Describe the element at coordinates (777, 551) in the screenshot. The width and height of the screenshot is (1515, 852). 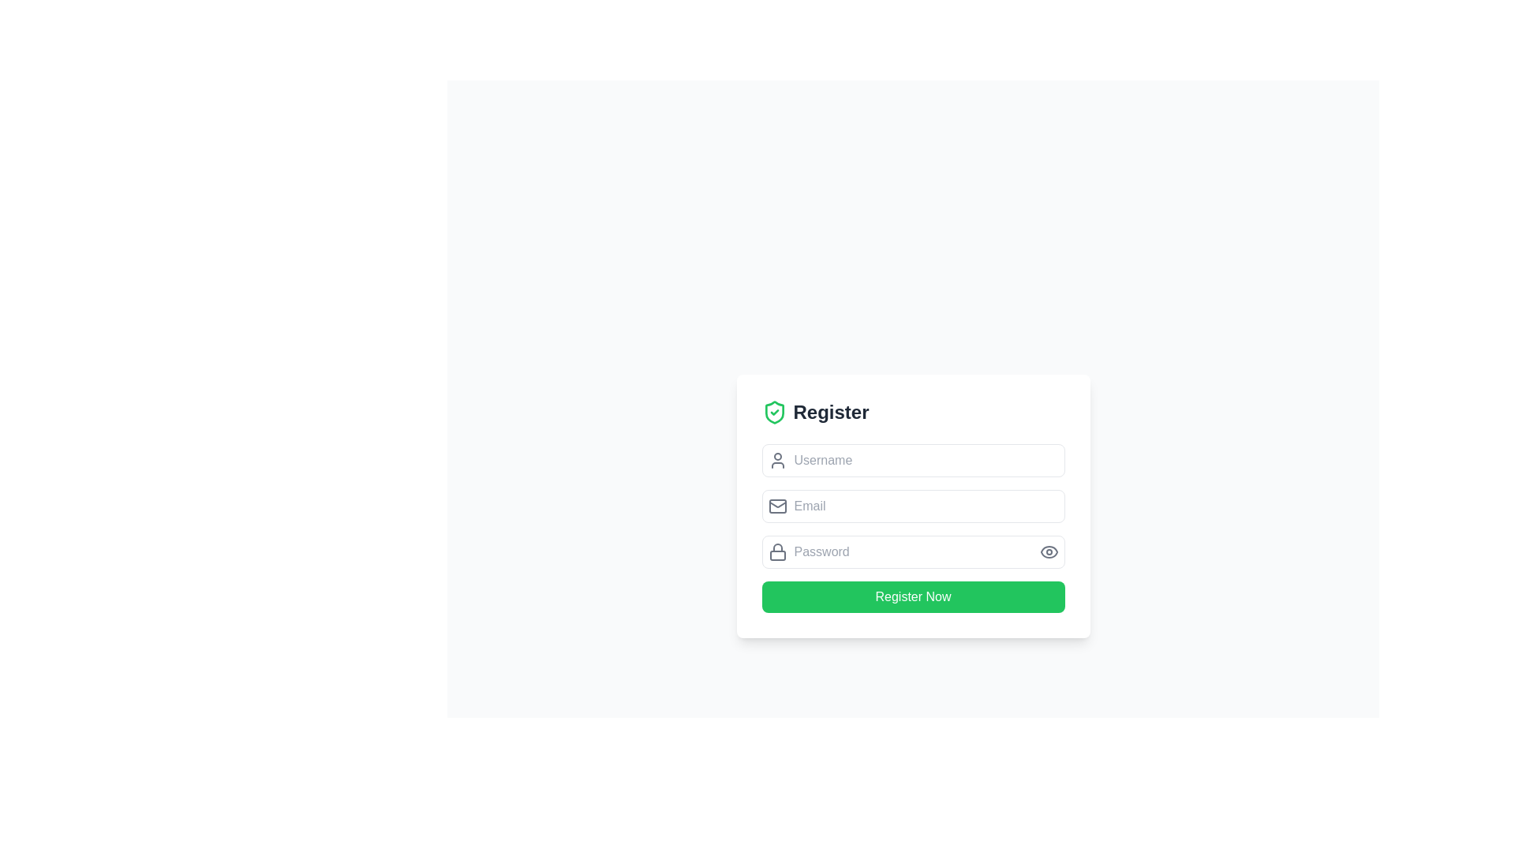
I see `the security icon positioned to the left inside the password input field, which serves as a visual indicator for restricted access` at that location.